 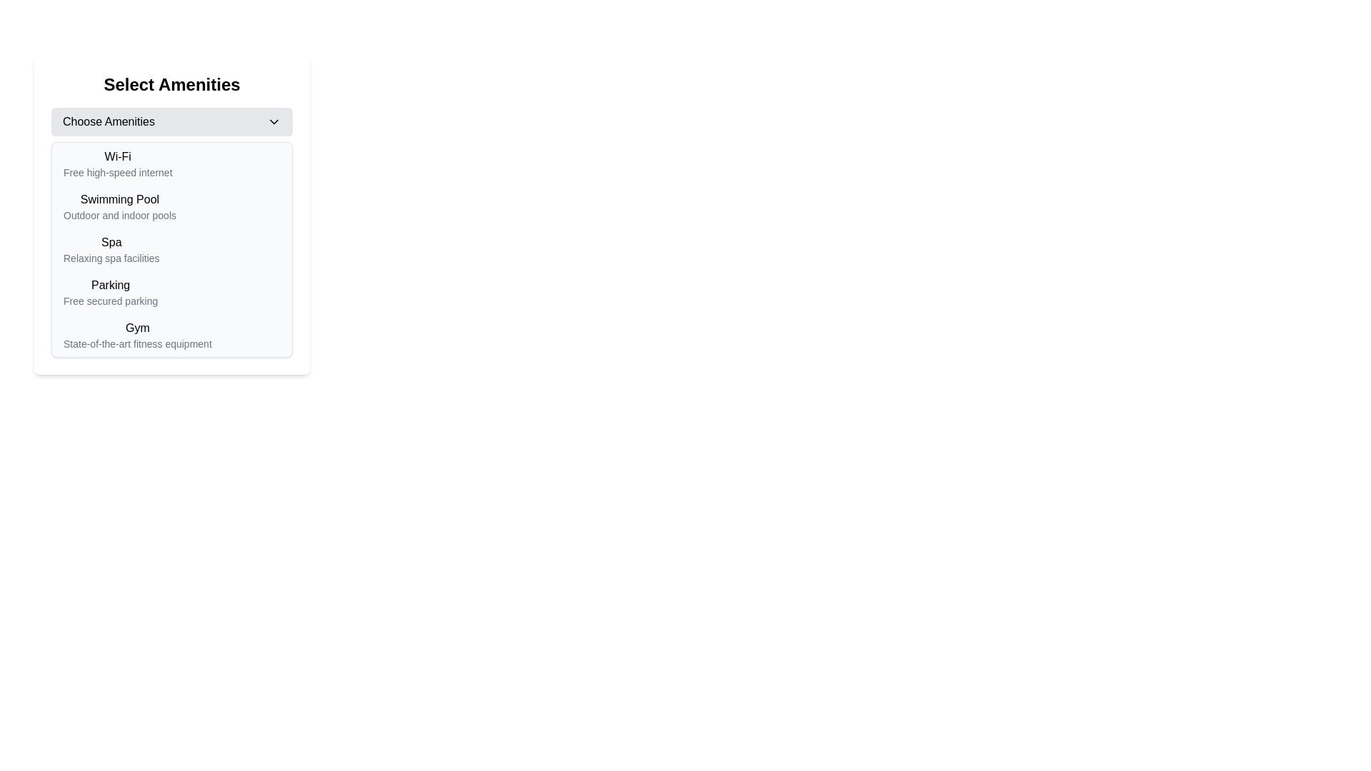 What do you see at coordinates (120, 215) in the screenshot?
I see `the text element that contains 'Outdoor and indoor pools', styled in small gray text, positioned below the title 'Swimming Pool'` at bounding box center [120, 215].